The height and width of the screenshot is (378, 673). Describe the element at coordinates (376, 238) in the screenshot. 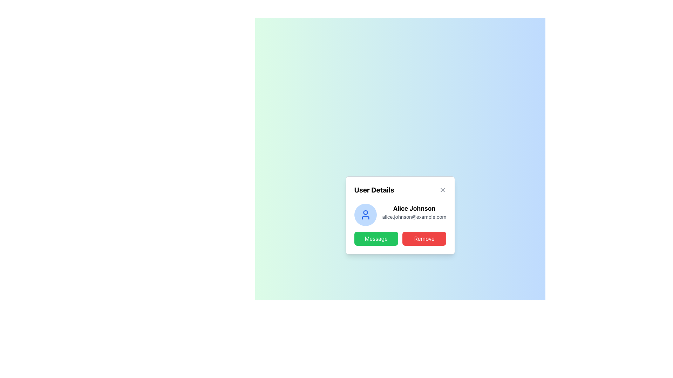

I see `the first button in the horizontal pair located under the user's details` at that location.